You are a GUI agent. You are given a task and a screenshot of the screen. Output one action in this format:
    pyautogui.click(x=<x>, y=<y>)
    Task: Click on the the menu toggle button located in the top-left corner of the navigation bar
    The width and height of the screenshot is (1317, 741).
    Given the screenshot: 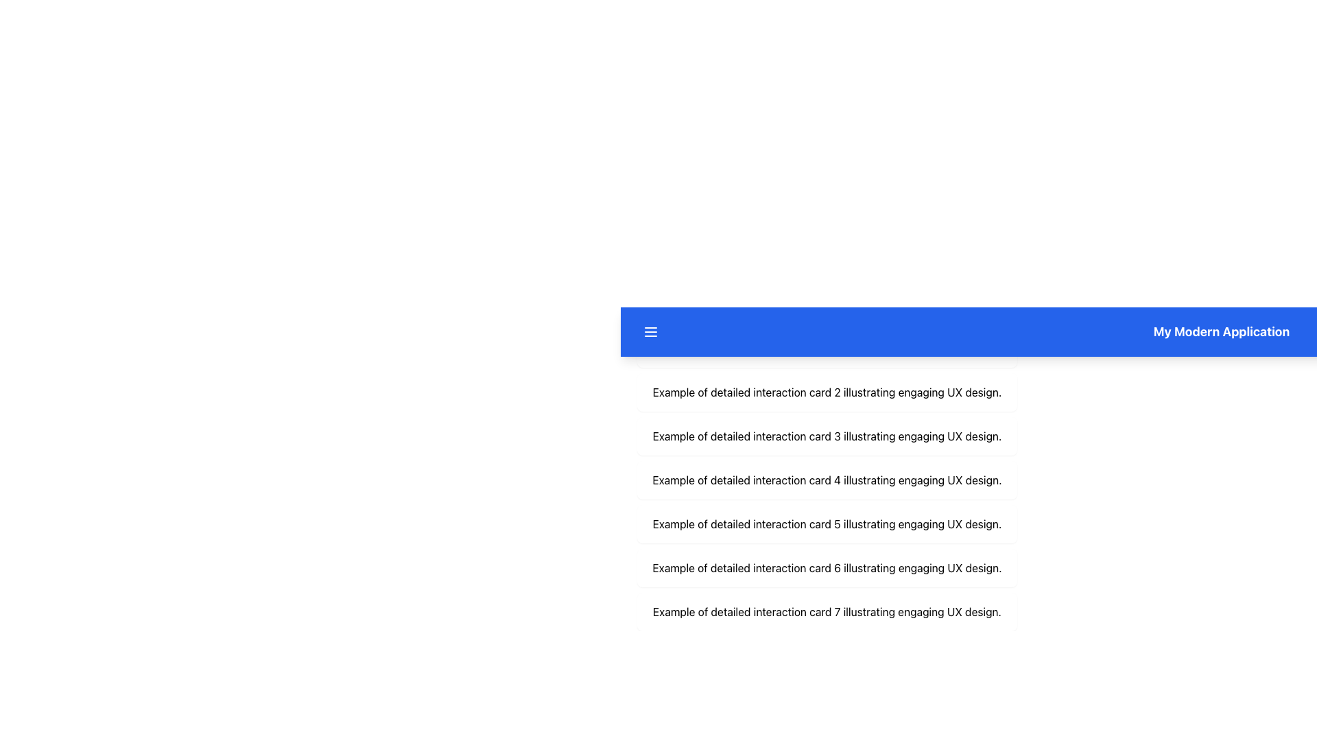 What is the action you would take?
    pyautogui.click(x=650, y=331)
    